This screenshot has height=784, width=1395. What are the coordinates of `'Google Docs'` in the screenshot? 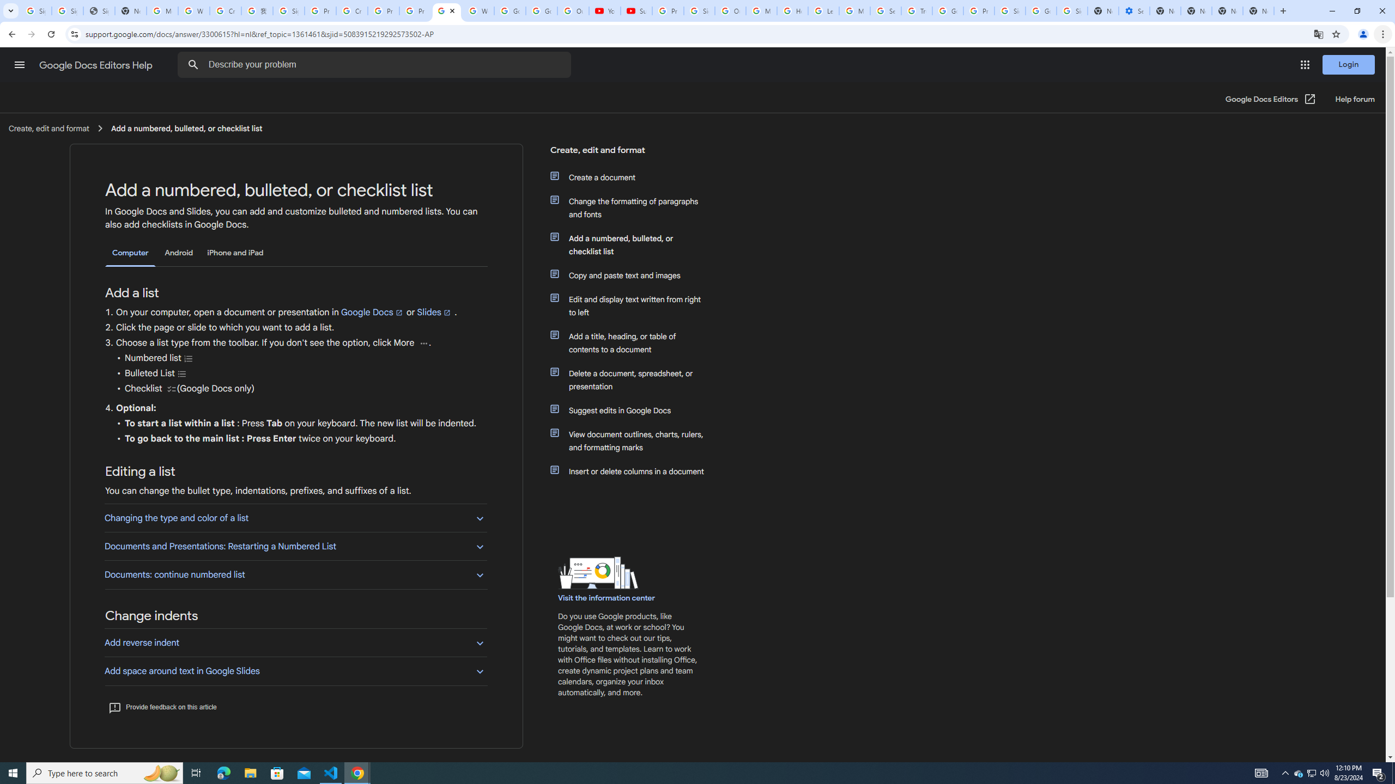 It's located at (372, 313).